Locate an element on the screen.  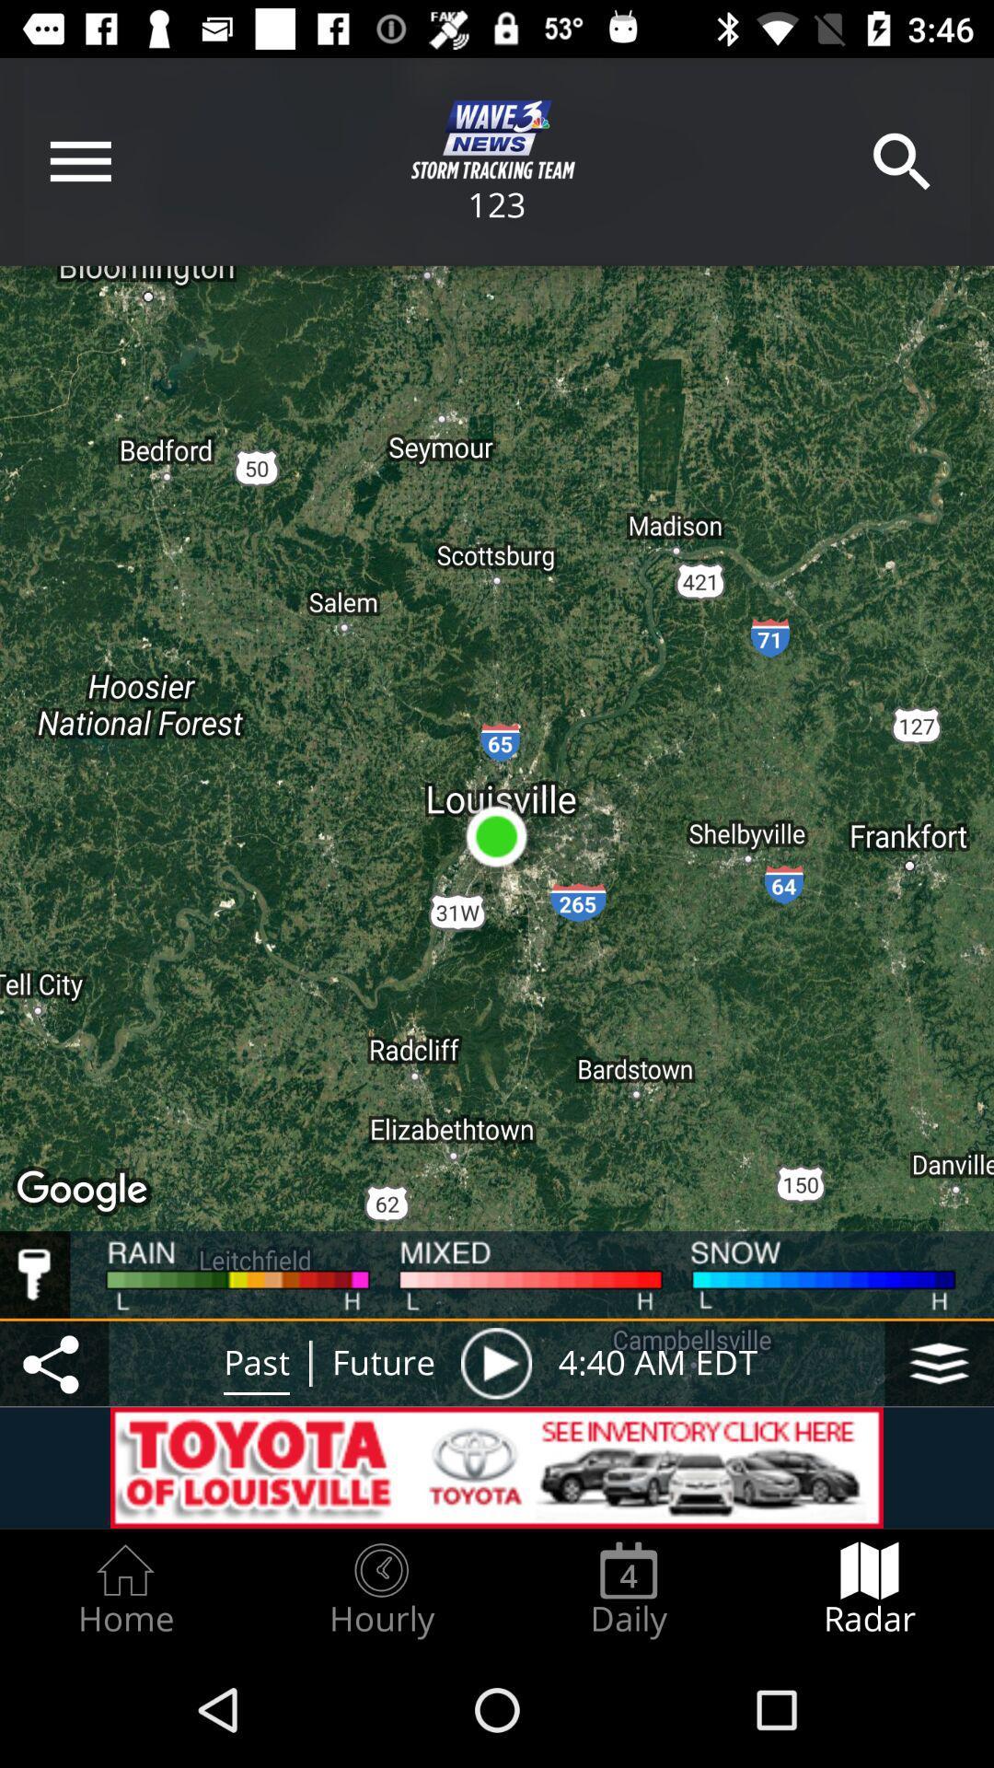
the radio button next to the hourly item is located at coordinates (628, 1589).